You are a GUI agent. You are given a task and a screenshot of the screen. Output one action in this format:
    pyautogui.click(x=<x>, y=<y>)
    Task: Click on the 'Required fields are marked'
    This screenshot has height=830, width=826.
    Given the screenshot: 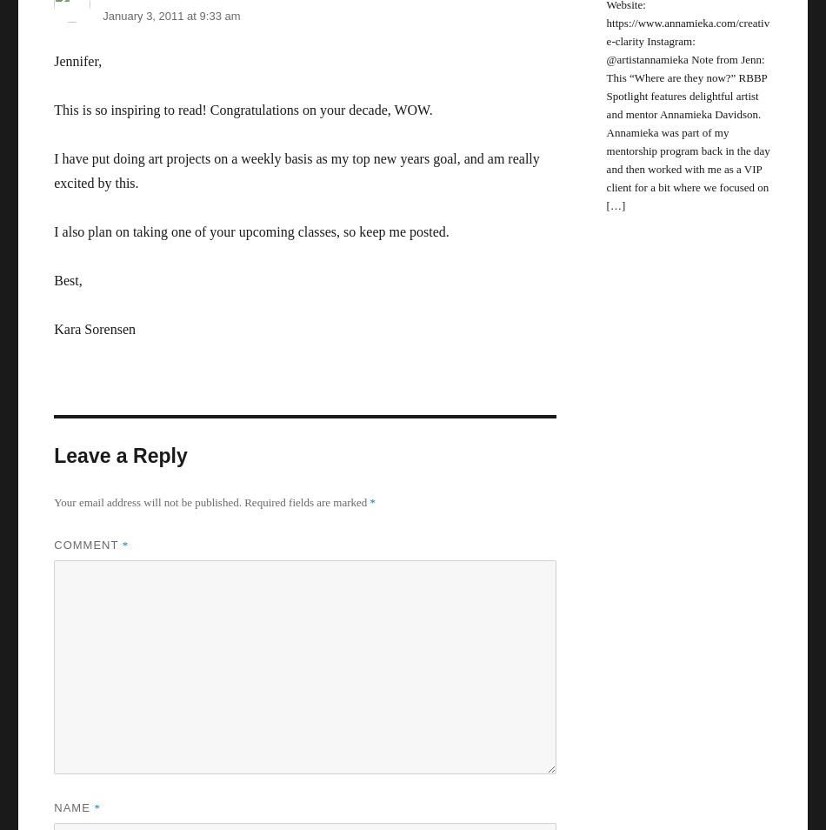 What is the action you would take?
    pyautogui.click(x=306, y=501)
    